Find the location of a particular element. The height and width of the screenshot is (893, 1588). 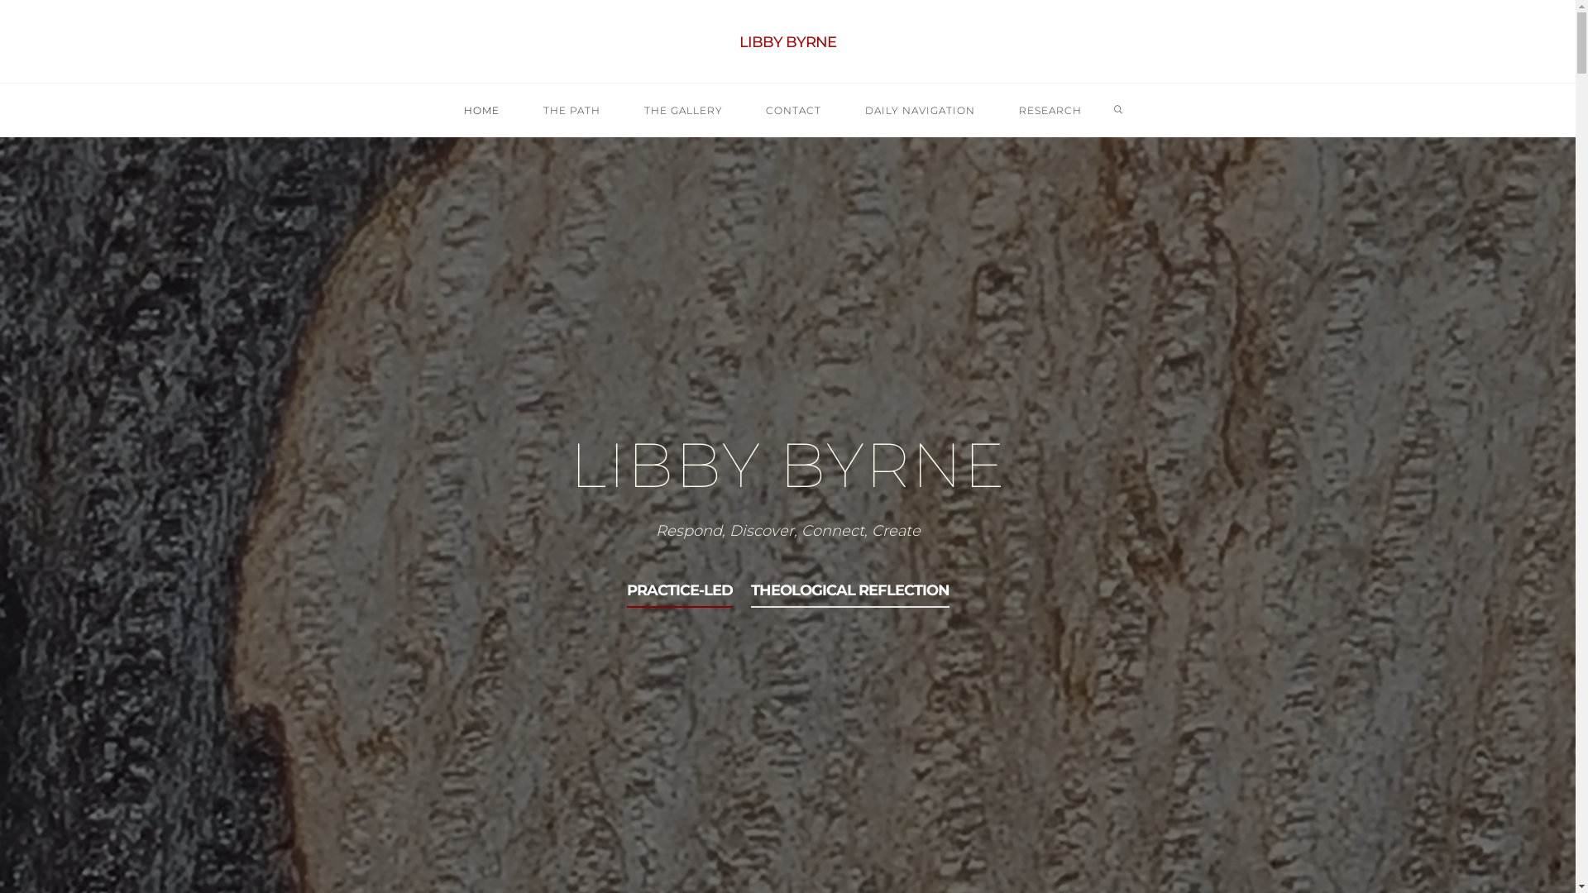

'THE PATH' is located at coordinates (572, 110).